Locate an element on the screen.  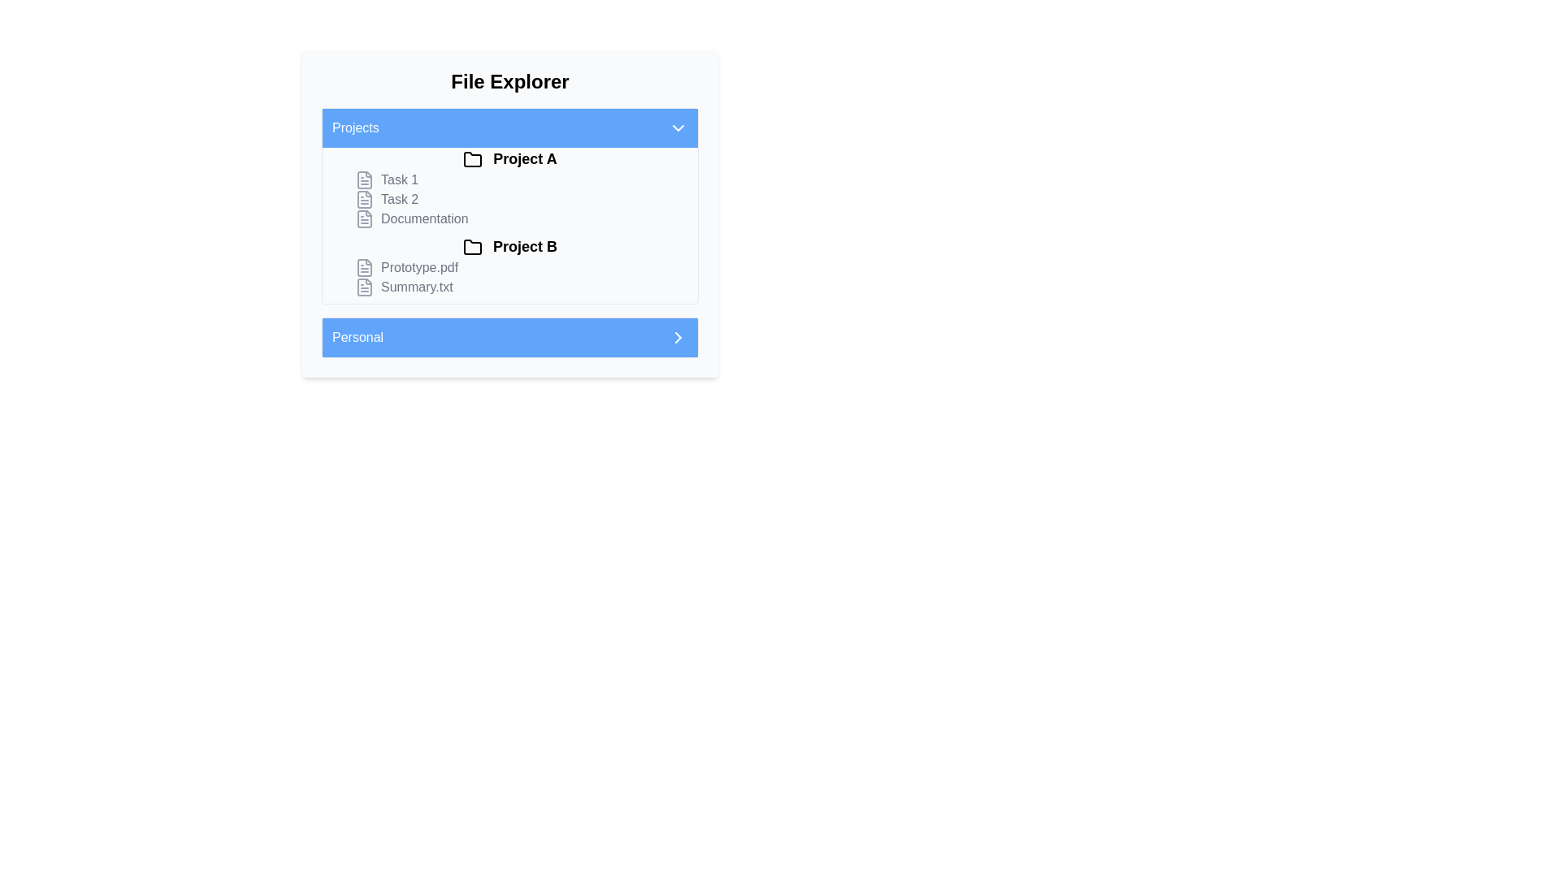
the file icon representing 'Summary.txt' located in the Projects section of the file explorer is located at coordinates (364, 287).